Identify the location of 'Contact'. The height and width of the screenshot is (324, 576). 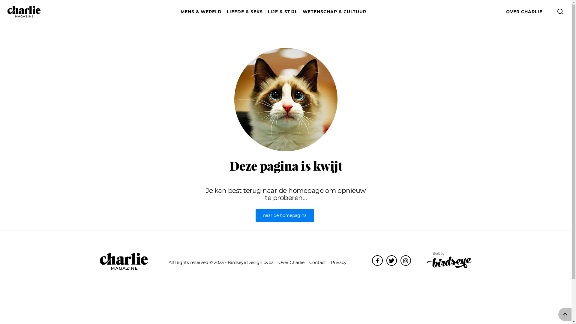
(317, 262).